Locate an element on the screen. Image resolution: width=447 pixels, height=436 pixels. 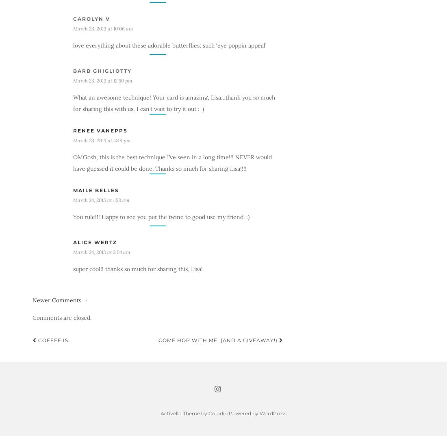
'What an awesome technique! Your card is amazing, Lisa…thank you so much for sharing this with us, I can’t wait to try it out :-)' is located at coordinates (72, 102).